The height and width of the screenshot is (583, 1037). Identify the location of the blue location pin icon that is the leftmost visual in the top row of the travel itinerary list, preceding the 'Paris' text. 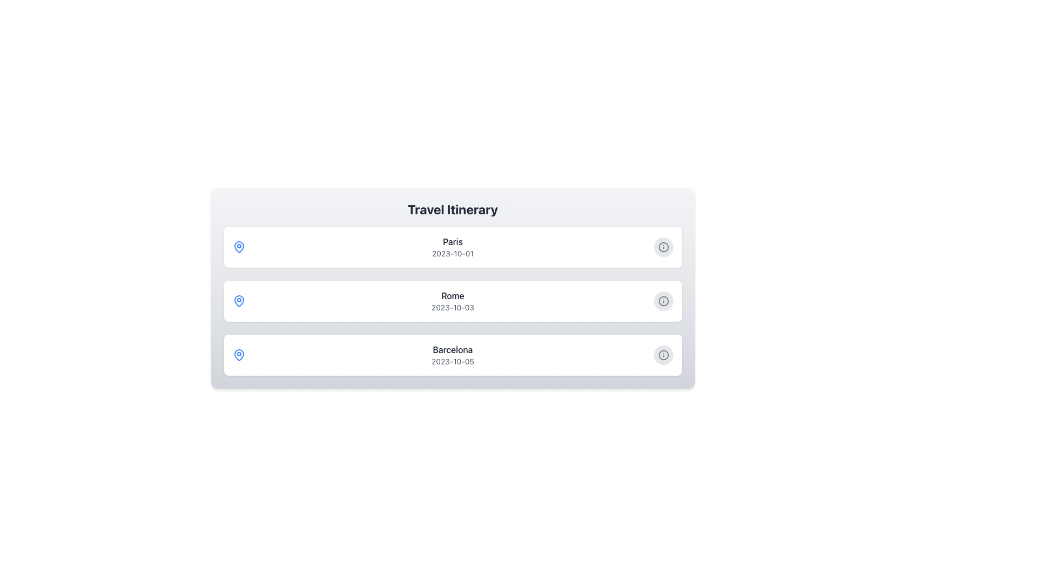
(238, 247).